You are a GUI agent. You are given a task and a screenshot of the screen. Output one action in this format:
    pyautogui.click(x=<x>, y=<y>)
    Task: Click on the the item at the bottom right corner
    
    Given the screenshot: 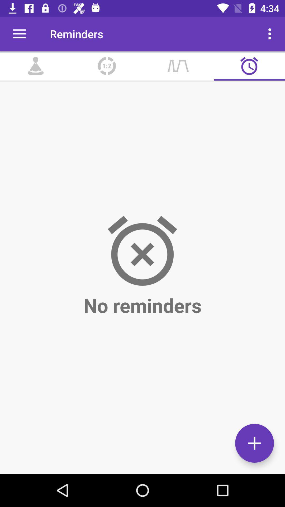 What is the action you would take?
    pyautogui.click(x=254, y=443)
    